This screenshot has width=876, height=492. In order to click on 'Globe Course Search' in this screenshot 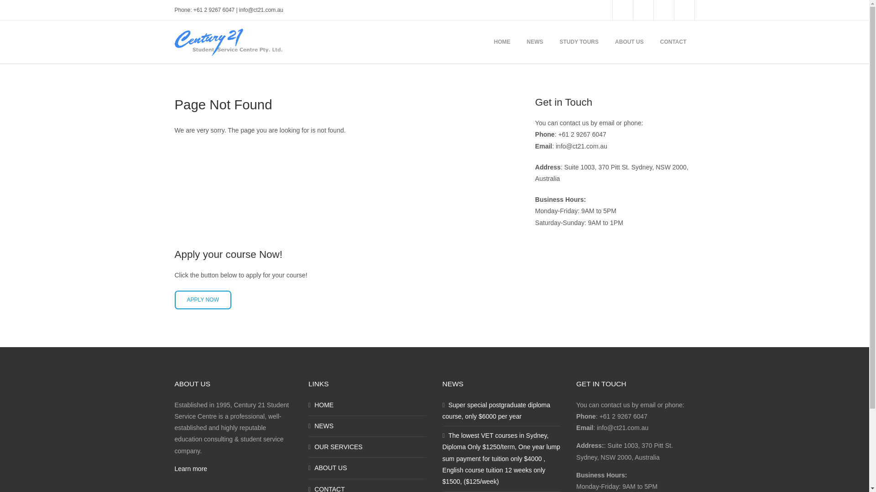, I will do `click(621, 10)`.